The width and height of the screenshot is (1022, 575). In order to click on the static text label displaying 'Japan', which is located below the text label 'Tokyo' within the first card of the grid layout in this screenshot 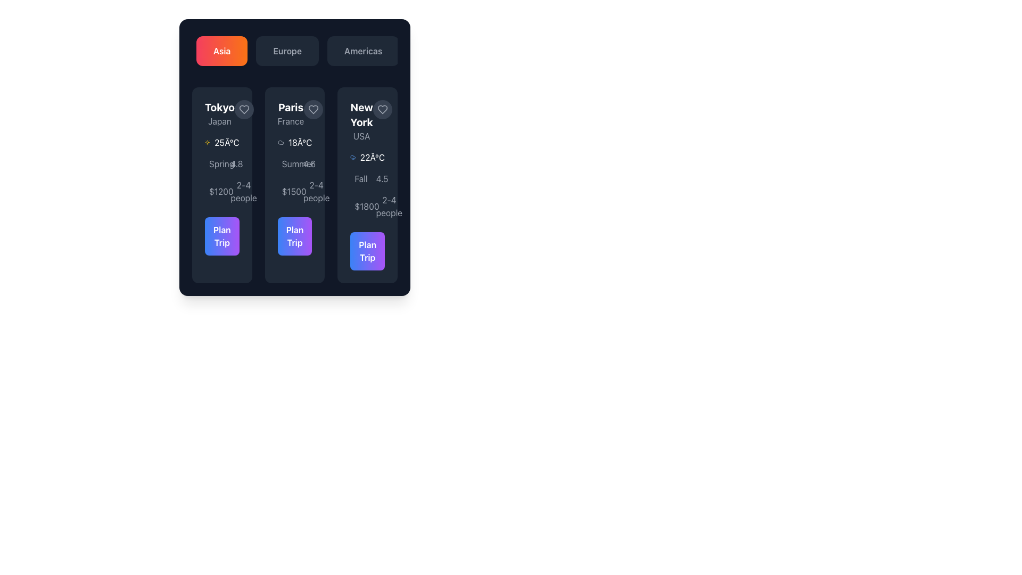, I will do `click(219, 120)`.